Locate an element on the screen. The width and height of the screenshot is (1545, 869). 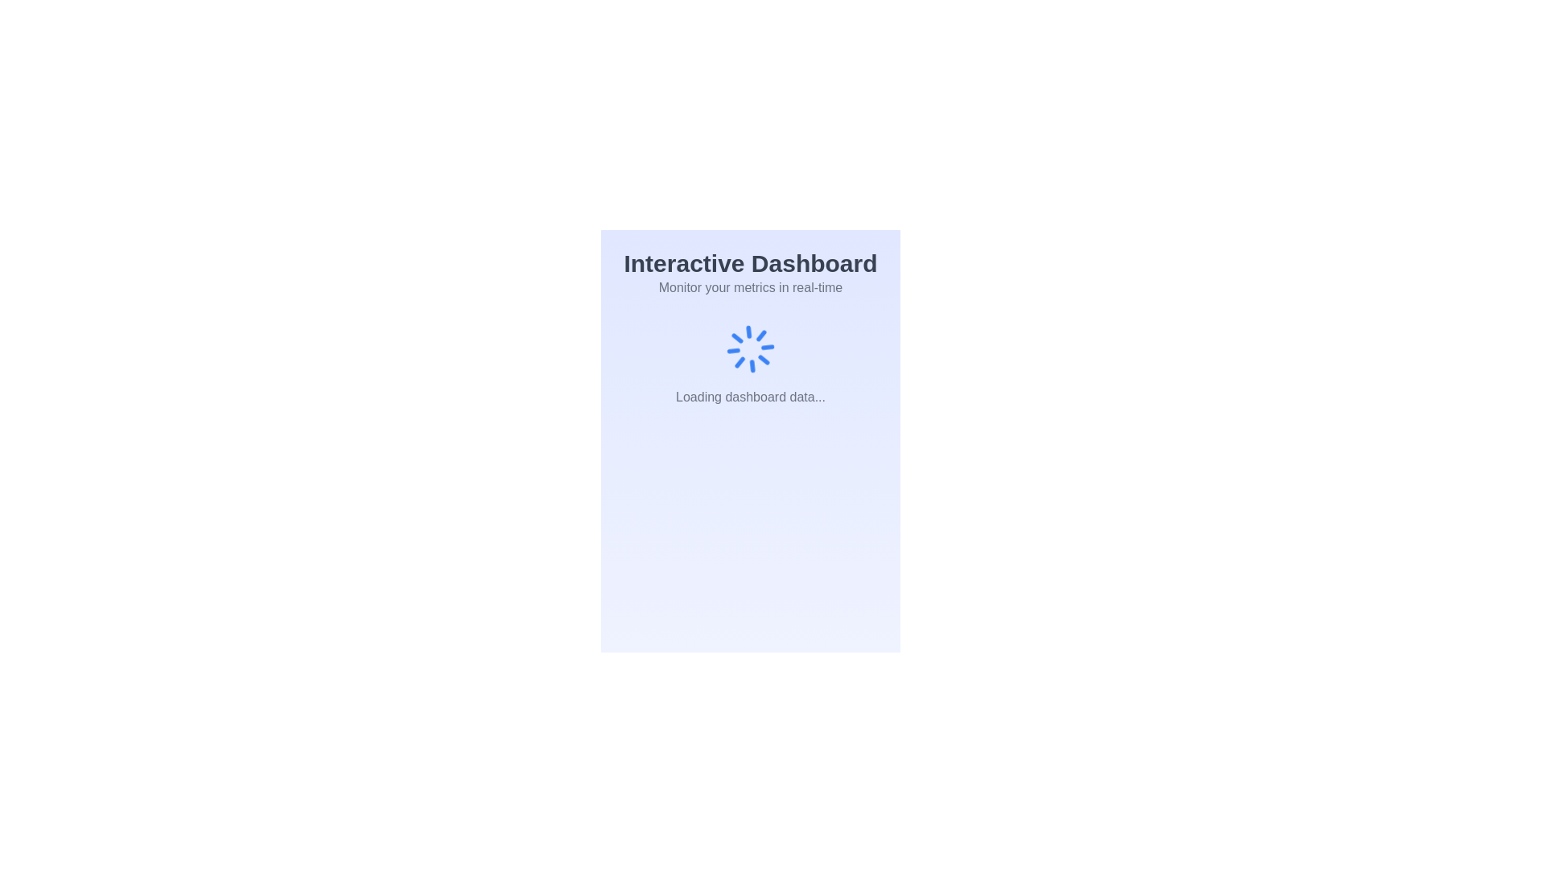
the fifth graphical line segment of the spinner graphic that indicates loading state, which is centrally located below the 'Interactive Dashboard' text is located at coordinates (743, 332).